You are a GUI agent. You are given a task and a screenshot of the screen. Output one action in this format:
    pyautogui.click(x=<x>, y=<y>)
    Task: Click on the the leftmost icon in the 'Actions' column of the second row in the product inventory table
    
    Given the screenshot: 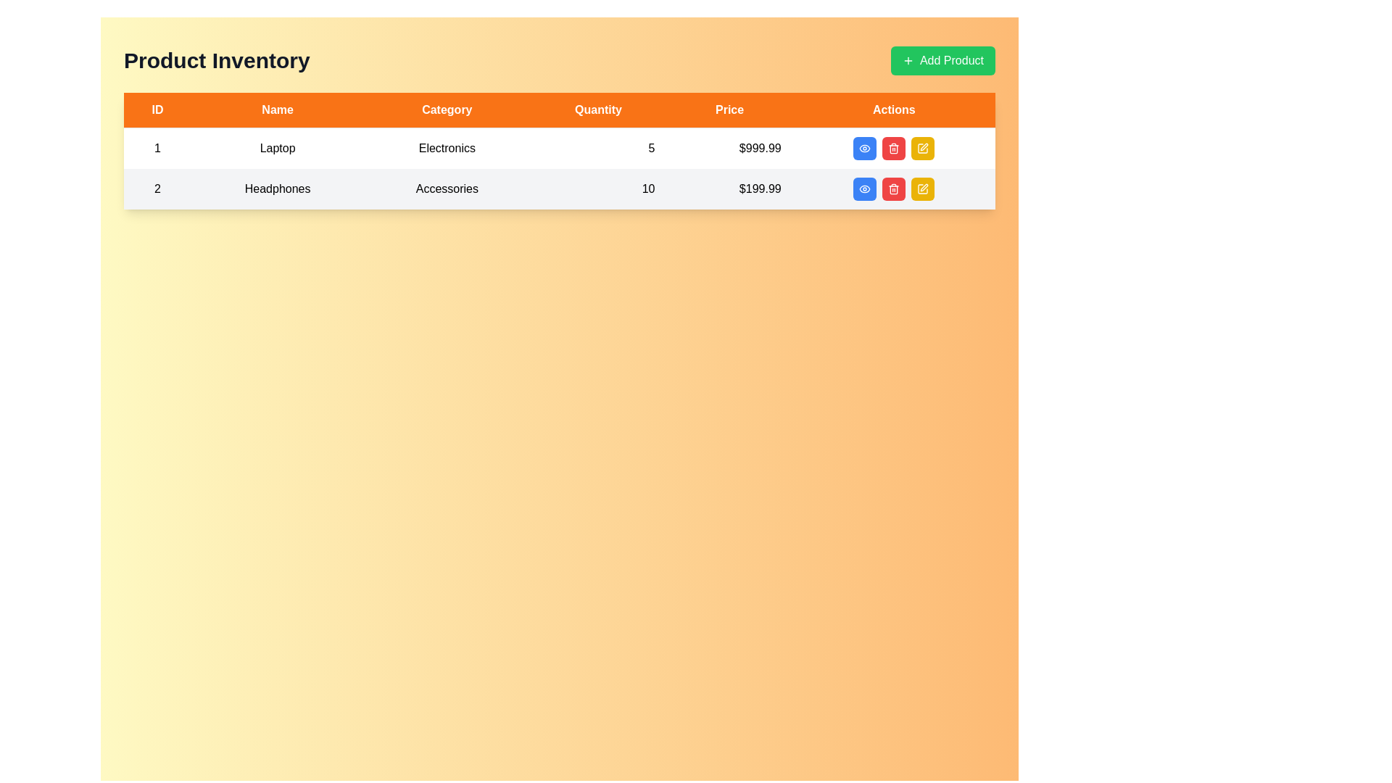 What is the action you would take?
    pyautogui.click(x=865, y=188)
    